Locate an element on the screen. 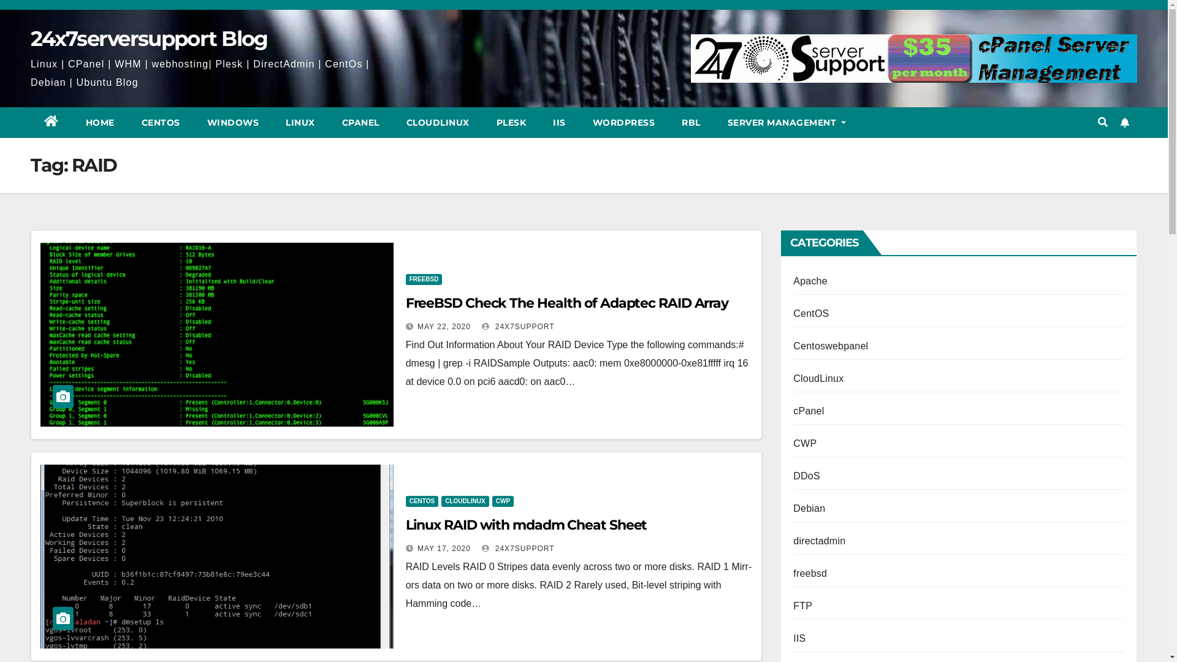 The width and height of the screenshot is (1177, 662). 'DDoS' is located at coordinates (806, 475).